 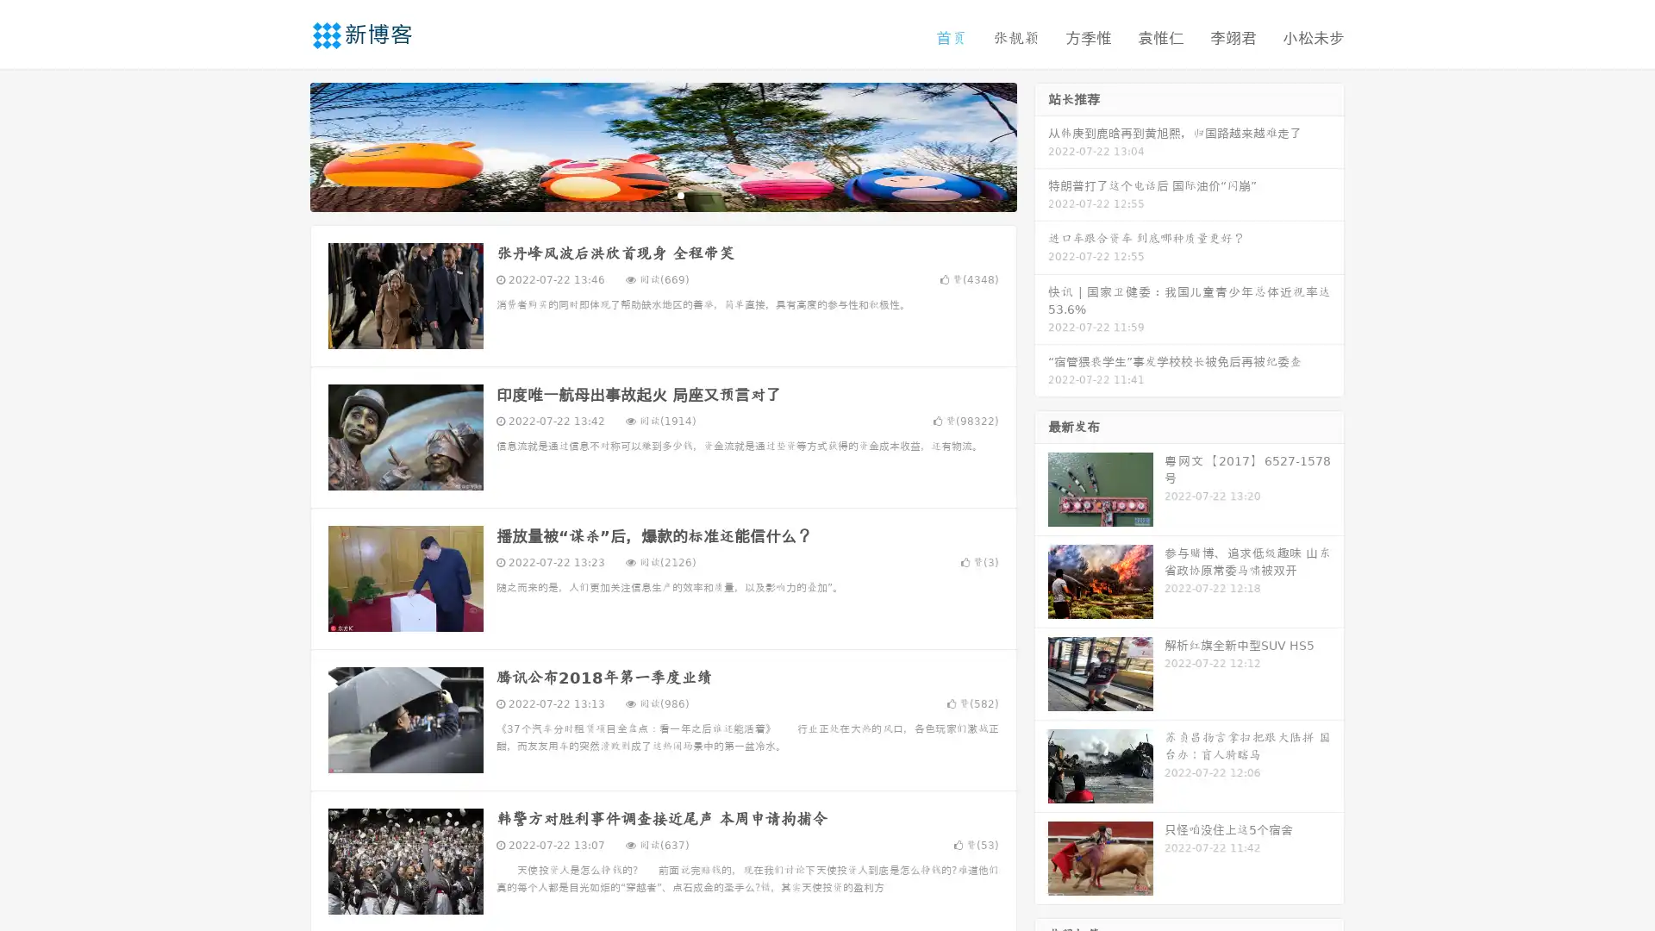 What do you see at coordinates (645, 194) in the screenshot?
I see `Go to slide 1` at bounding box center [645, 194].